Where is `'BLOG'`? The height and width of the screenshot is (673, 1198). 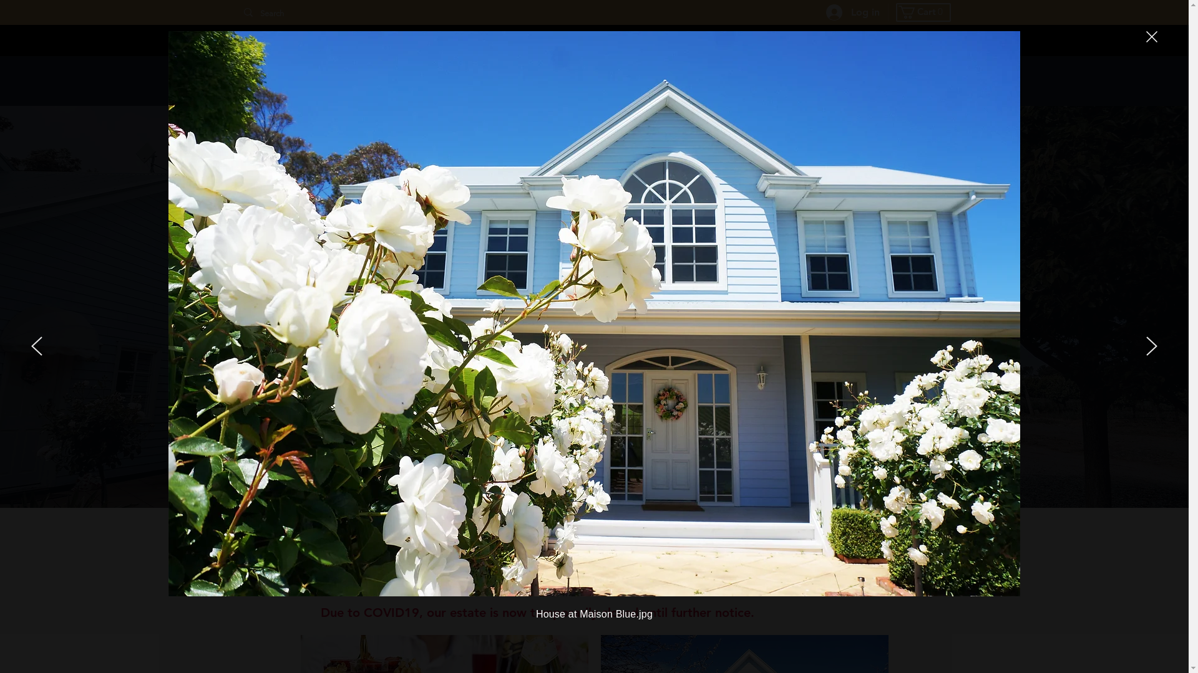
'BLOG' is located at coordinates (812, 81).